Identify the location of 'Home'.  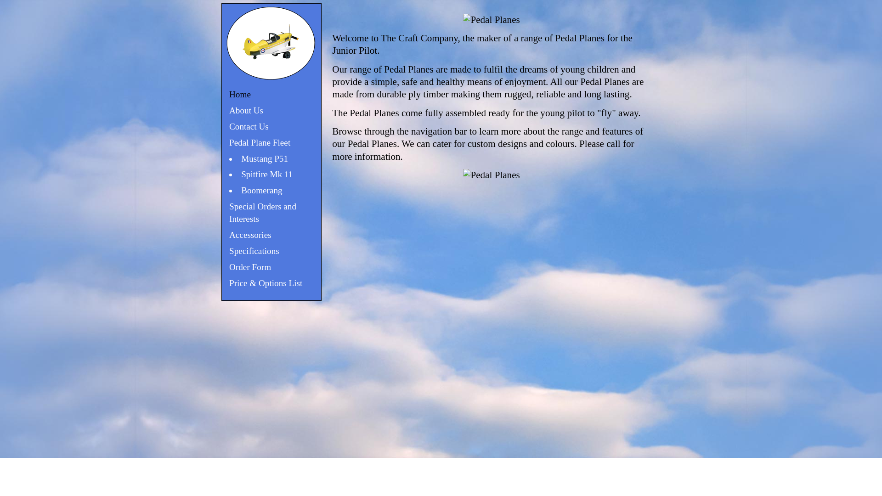
(240, 94).